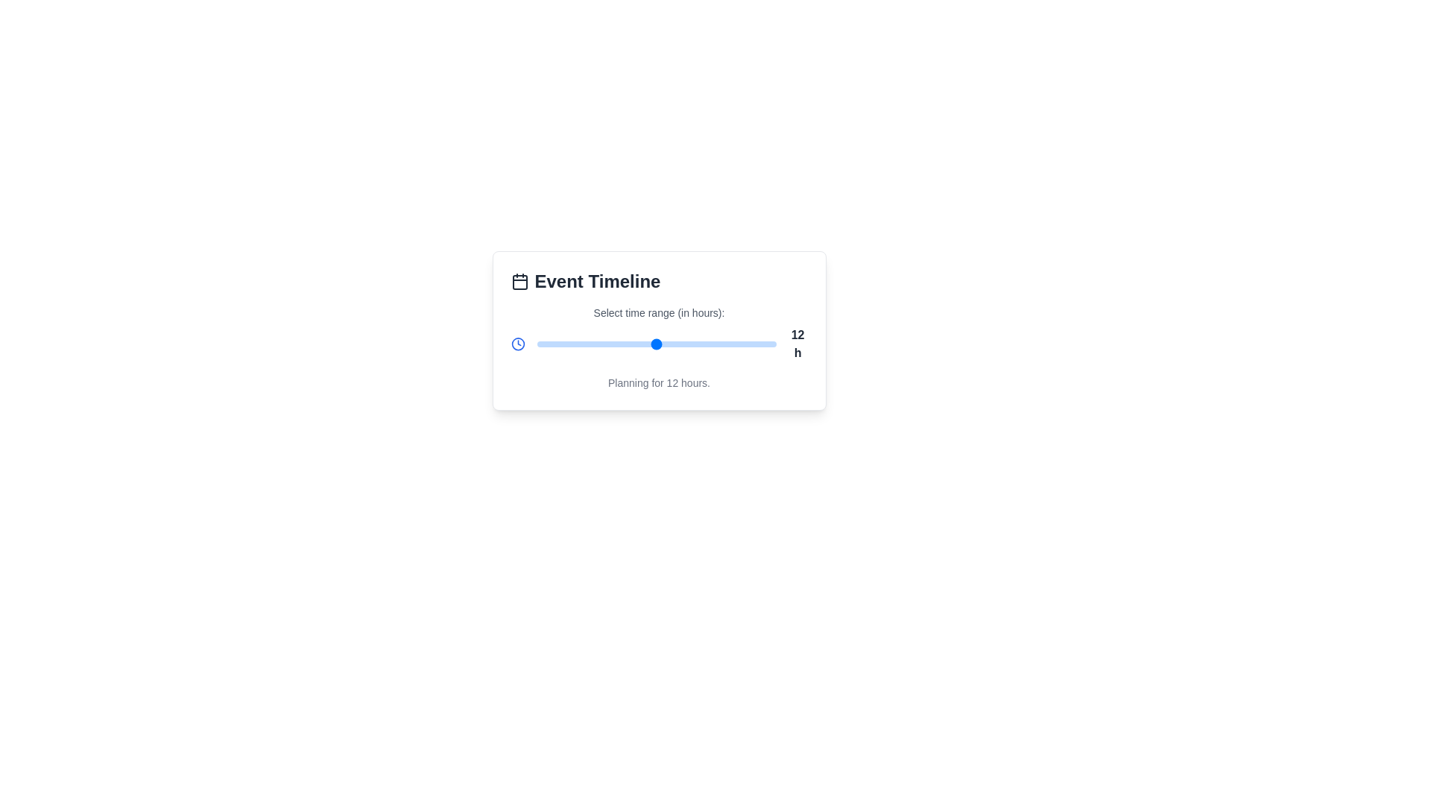 The height and width of the screenshot is (805, 1431). Describe the element at coordinates (686, 344) in the screenshot. I see `the timeline duration` at that location.